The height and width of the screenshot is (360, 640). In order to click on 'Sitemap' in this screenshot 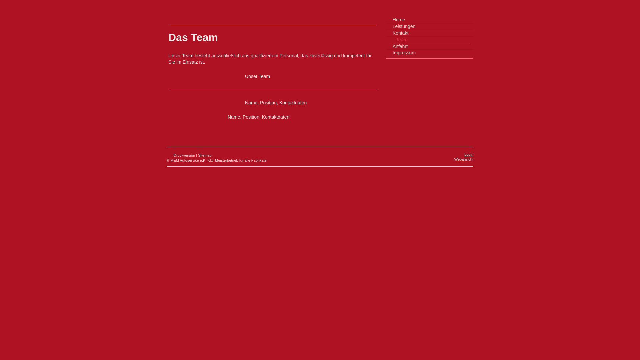, I will do `click(204, 155)`.